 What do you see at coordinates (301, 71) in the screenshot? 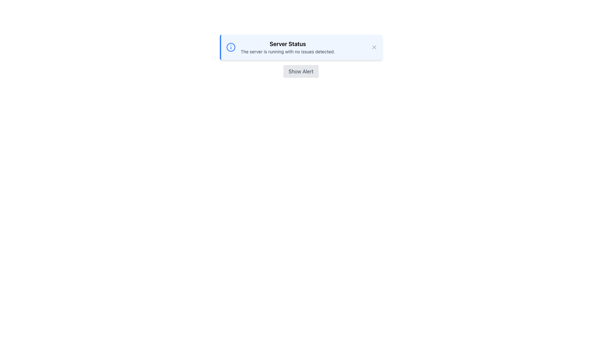
I see `the button located underneath the 'Server Status' information box` at bounding box center [301, 71].